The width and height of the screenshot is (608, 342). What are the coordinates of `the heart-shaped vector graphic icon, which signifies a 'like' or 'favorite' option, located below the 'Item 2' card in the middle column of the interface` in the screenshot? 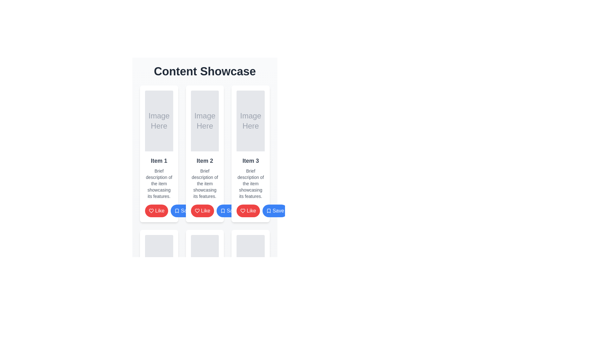 It's located at (151, 211).